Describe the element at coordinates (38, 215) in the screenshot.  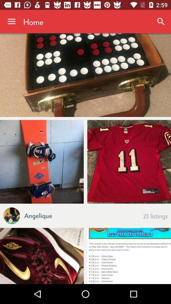
I see `the icon next to 23 listings icon` at that location.